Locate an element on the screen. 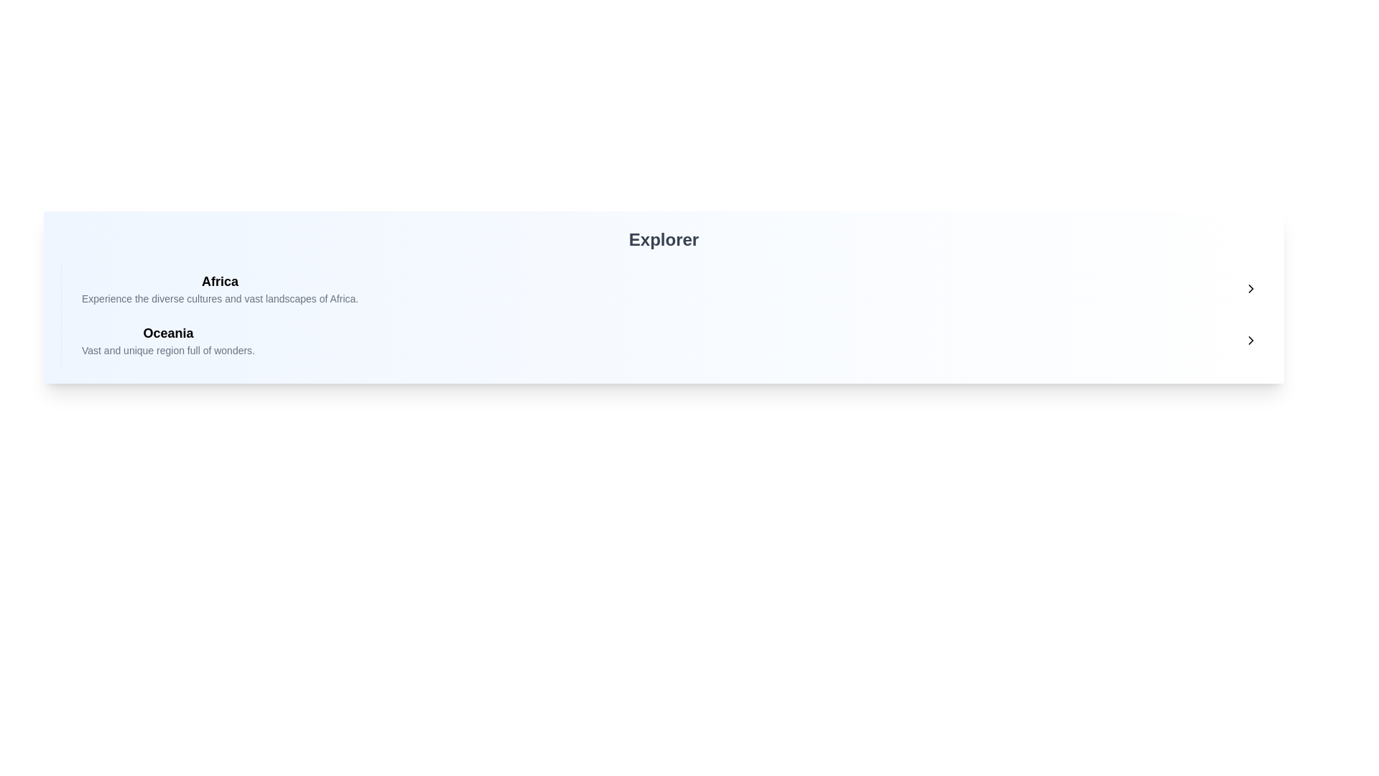  the navigation arrow icon located towards the center-right of the interface, which indicates proceeding to more detailed content or another page is located at coordinates (1250, 341).